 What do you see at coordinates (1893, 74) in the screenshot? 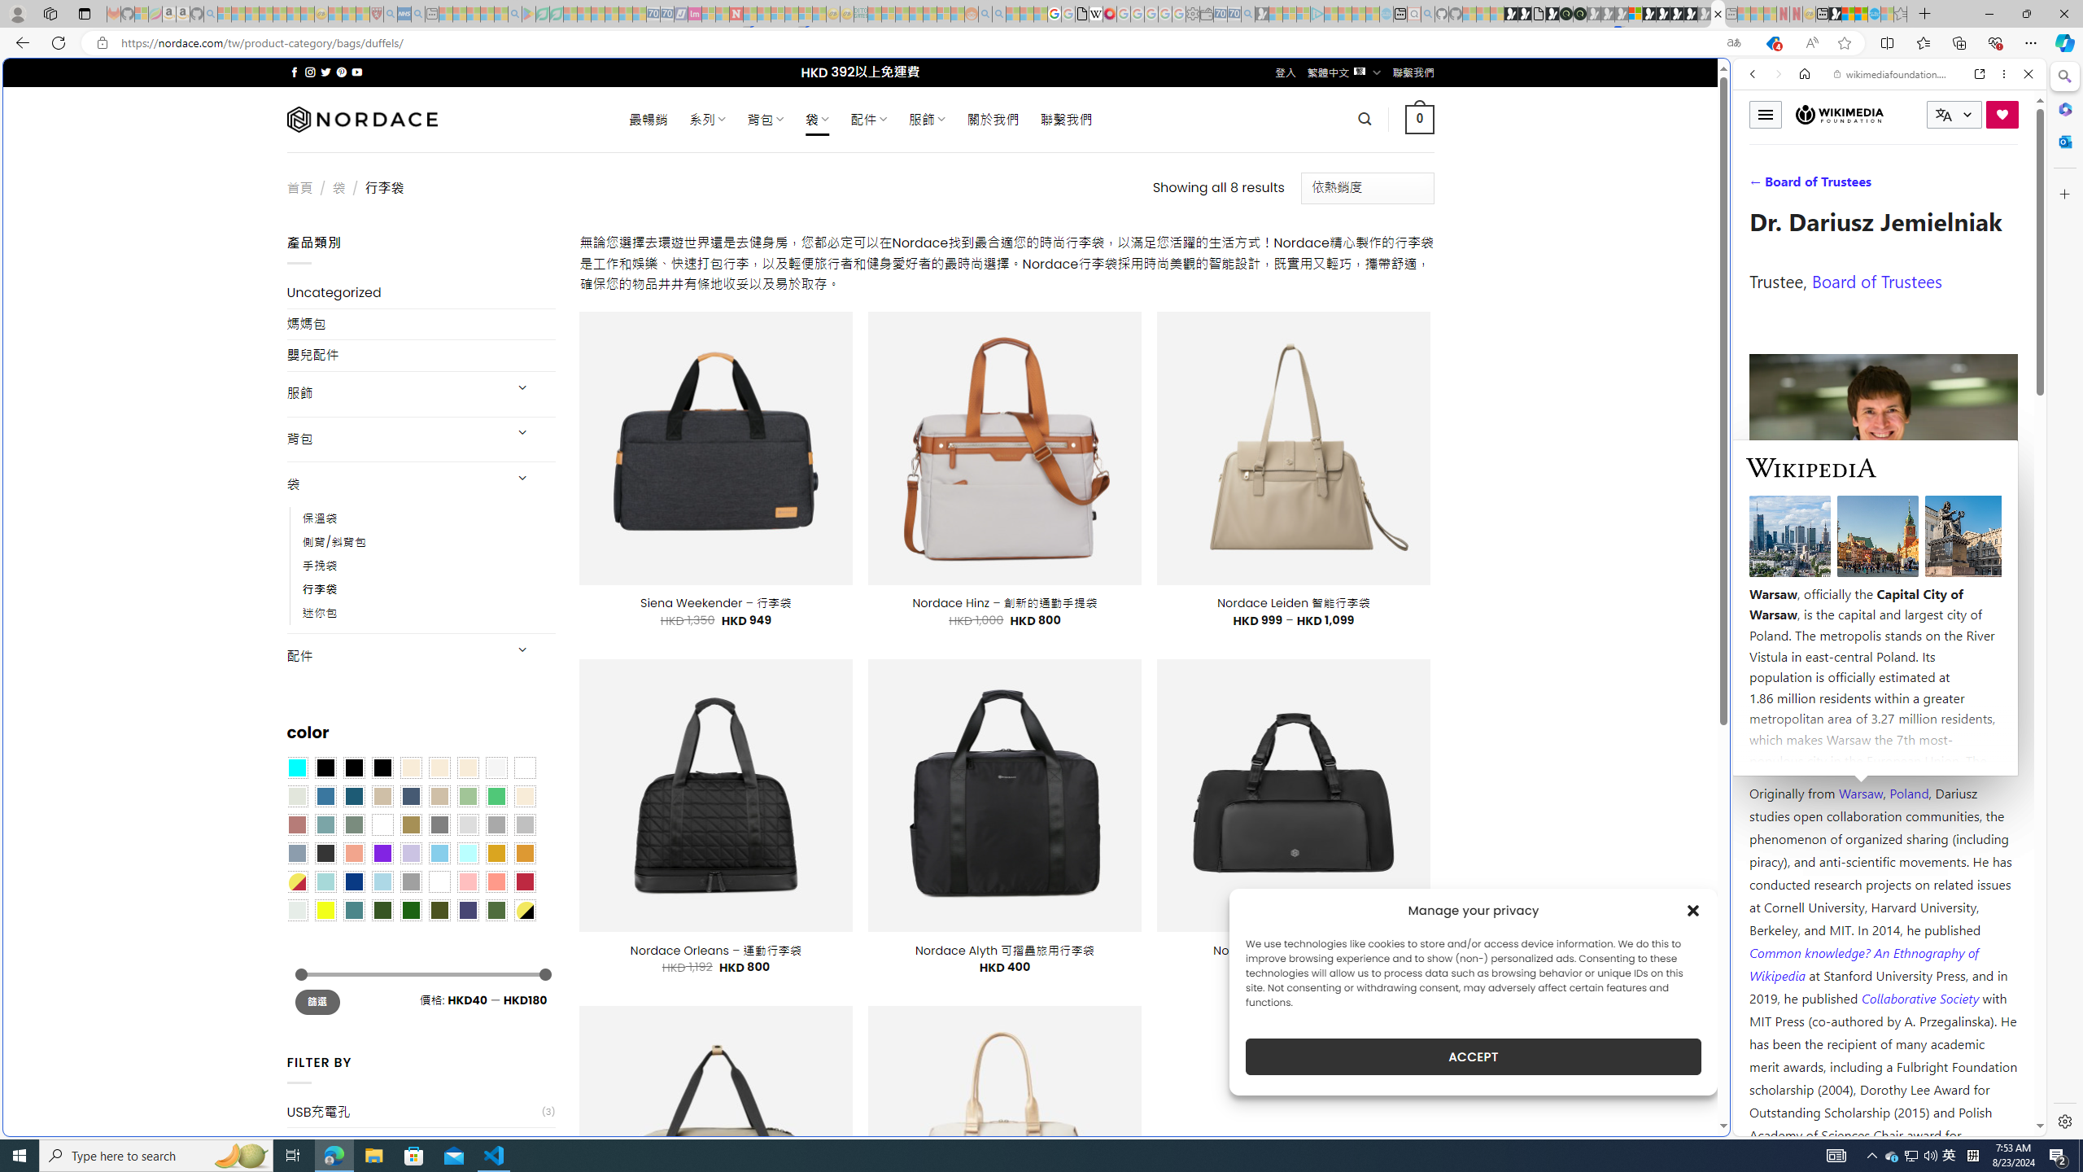
I see `'wikimediafoundation.org'` at bounding box center [1893, 74].